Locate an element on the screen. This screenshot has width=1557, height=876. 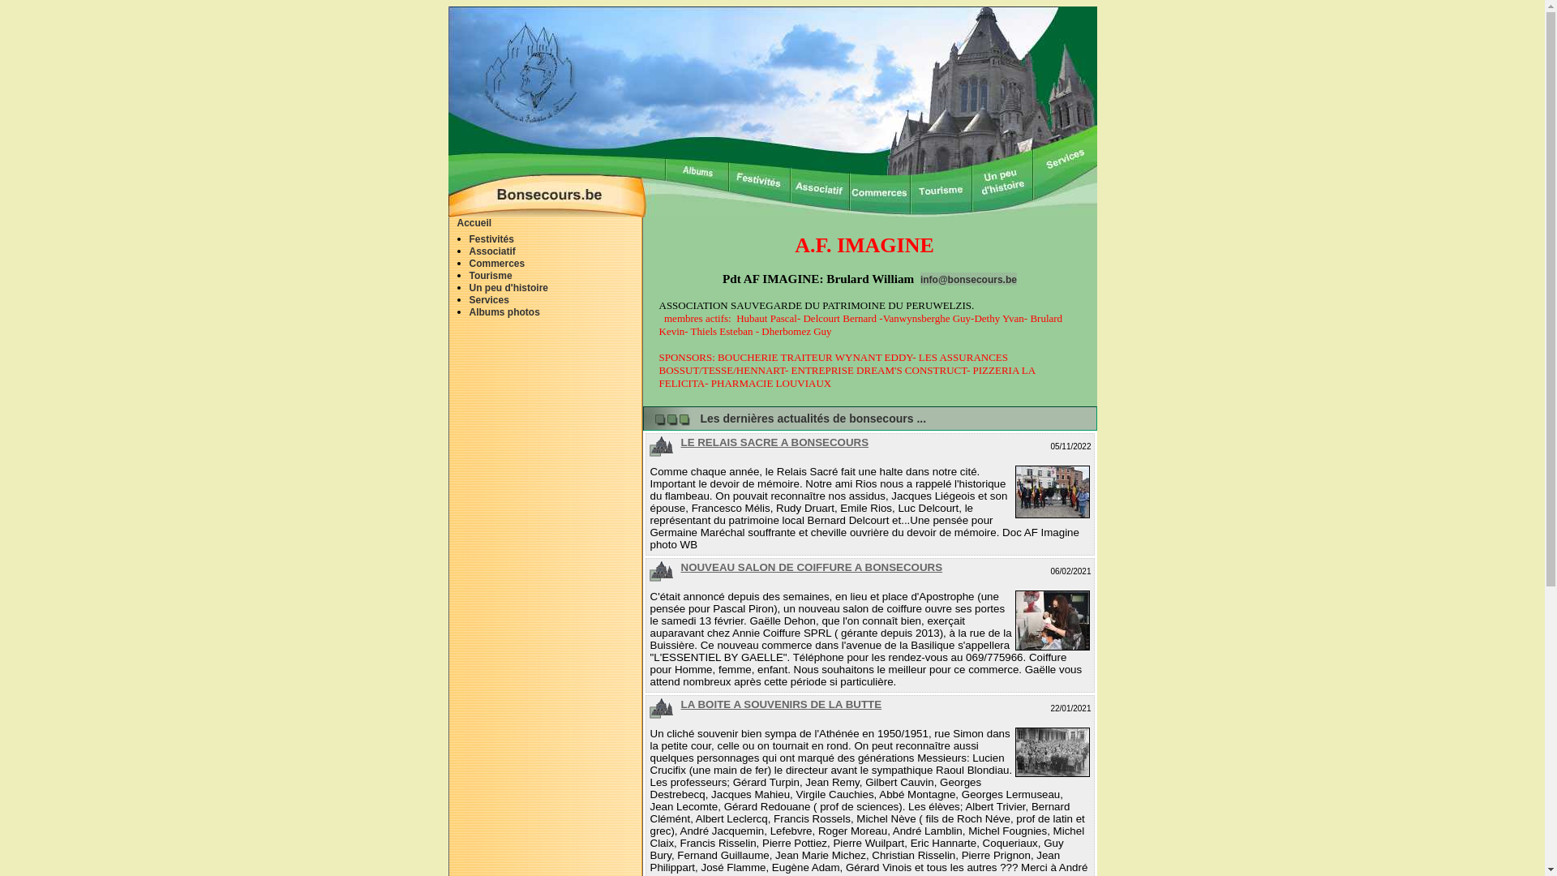
'info@bonsecours.be' is located at coordinates (920, 278).